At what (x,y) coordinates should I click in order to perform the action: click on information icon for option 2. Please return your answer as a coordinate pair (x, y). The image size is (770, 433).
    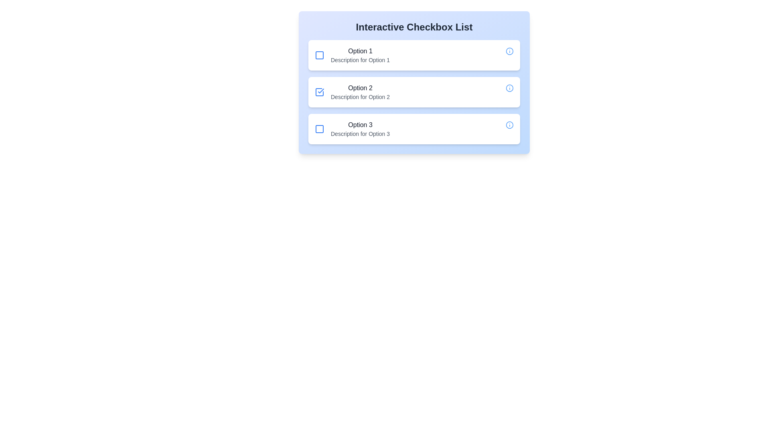
    Looking at the image, I should click on (509, 88).